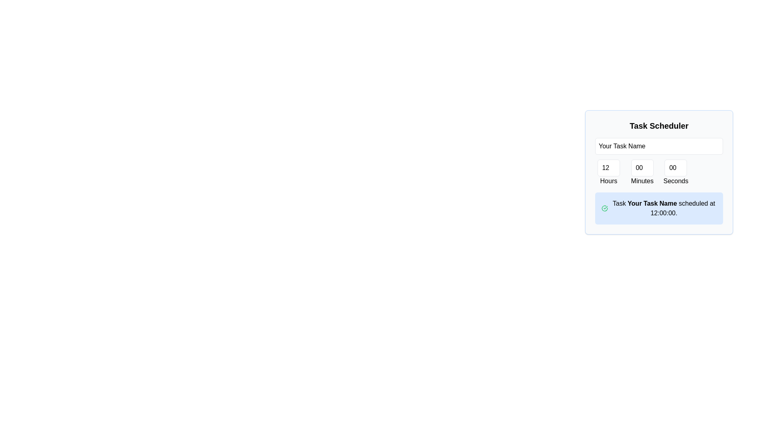  What do you see at coordinates (659, 125) in the screenshot?
I see `the title text of the scheduler feature, which is positioned at the top of the box containing form elements and above the 'Your Task Name' input box` at bounding box center [659, 125].